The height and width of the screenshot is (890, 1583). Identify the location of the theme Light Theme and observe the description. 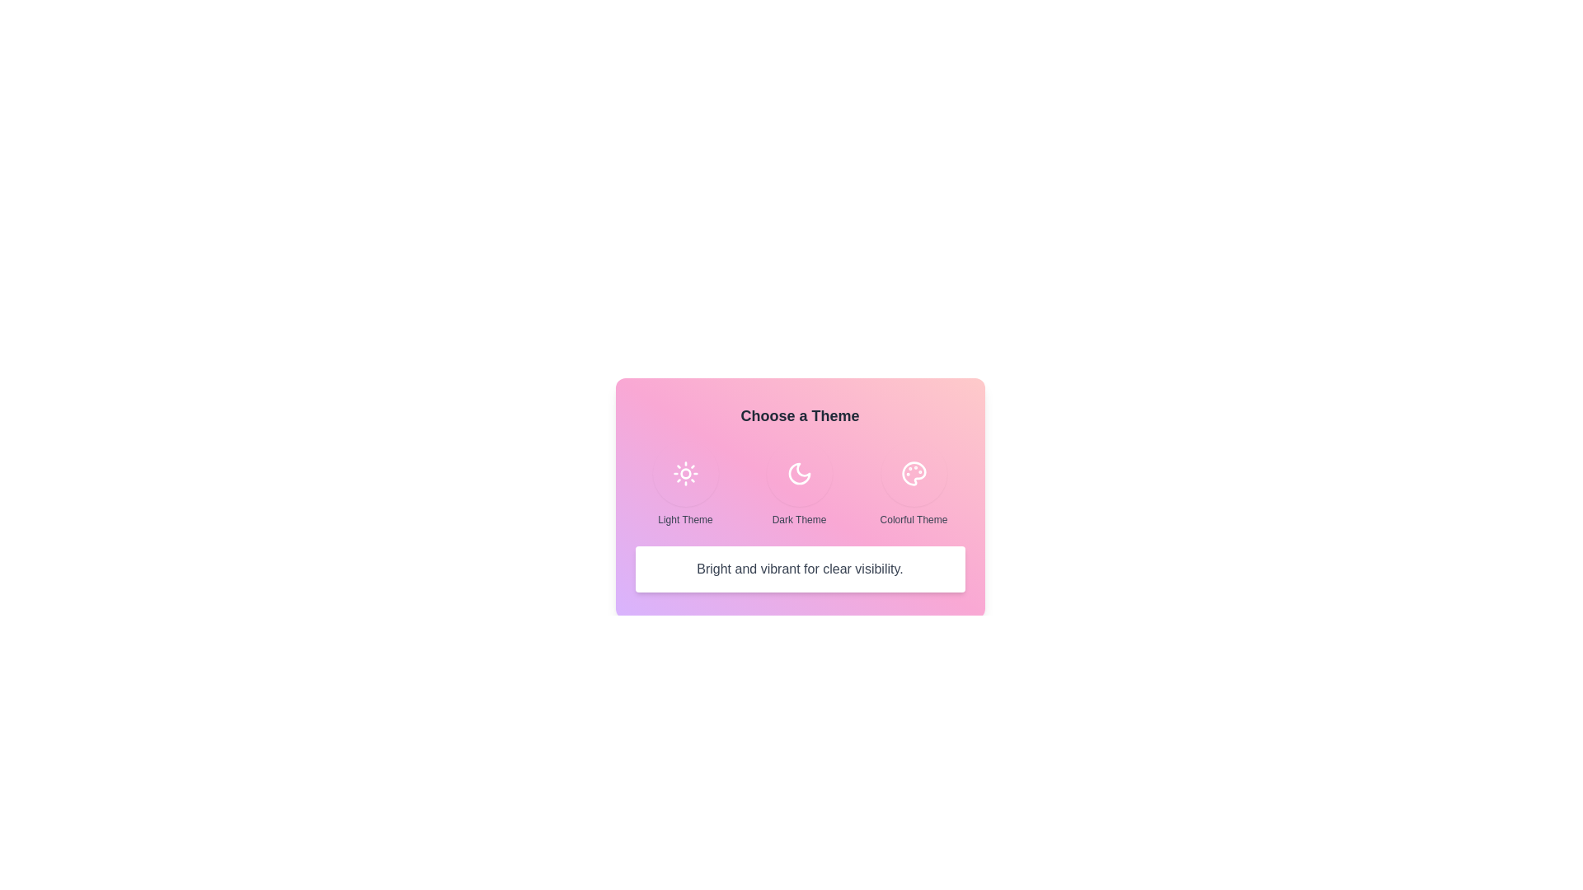
(685, 473).